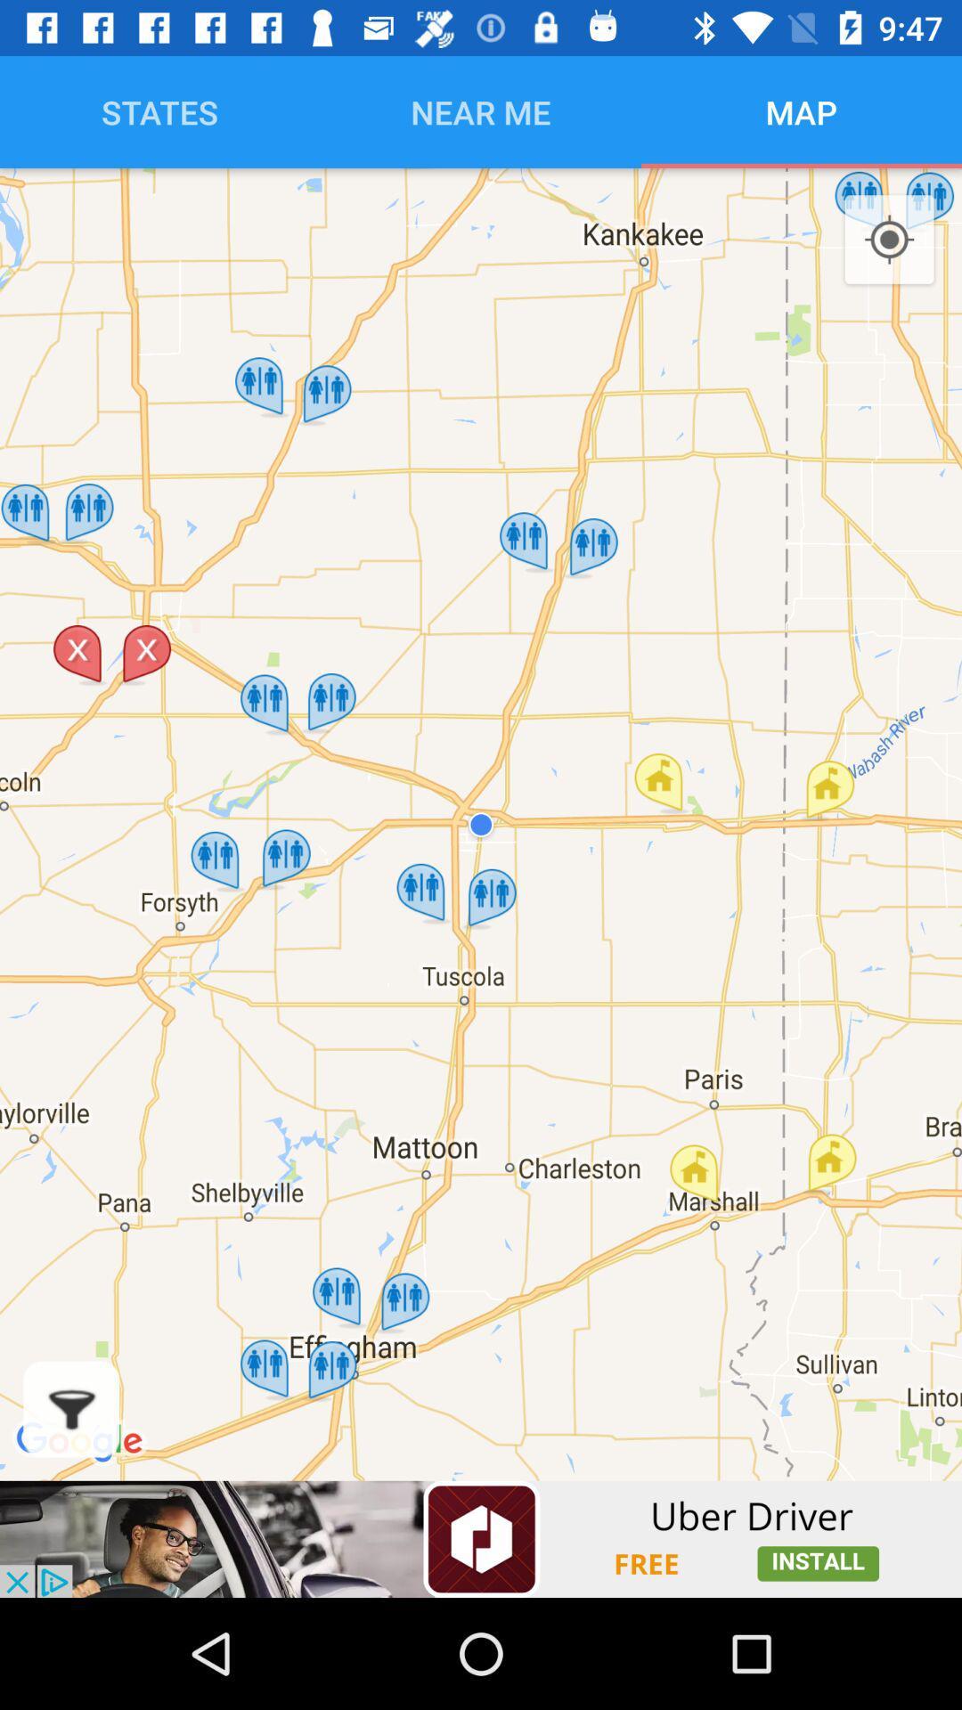 This screenshot has height=1710, width=962. I want to click on show fileters, so click(70, 1408).